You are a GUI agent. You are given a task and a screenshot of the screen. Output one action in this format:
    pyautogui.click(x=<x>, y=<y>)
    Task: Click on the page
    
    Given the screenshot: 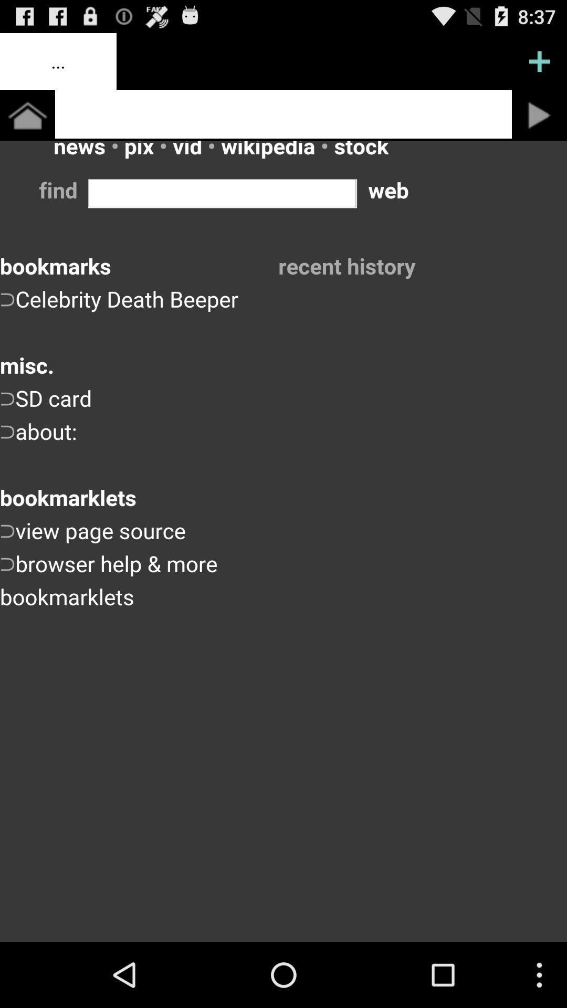 What is the action you would take?
    pyautogui.click(x=539, y=60)
    